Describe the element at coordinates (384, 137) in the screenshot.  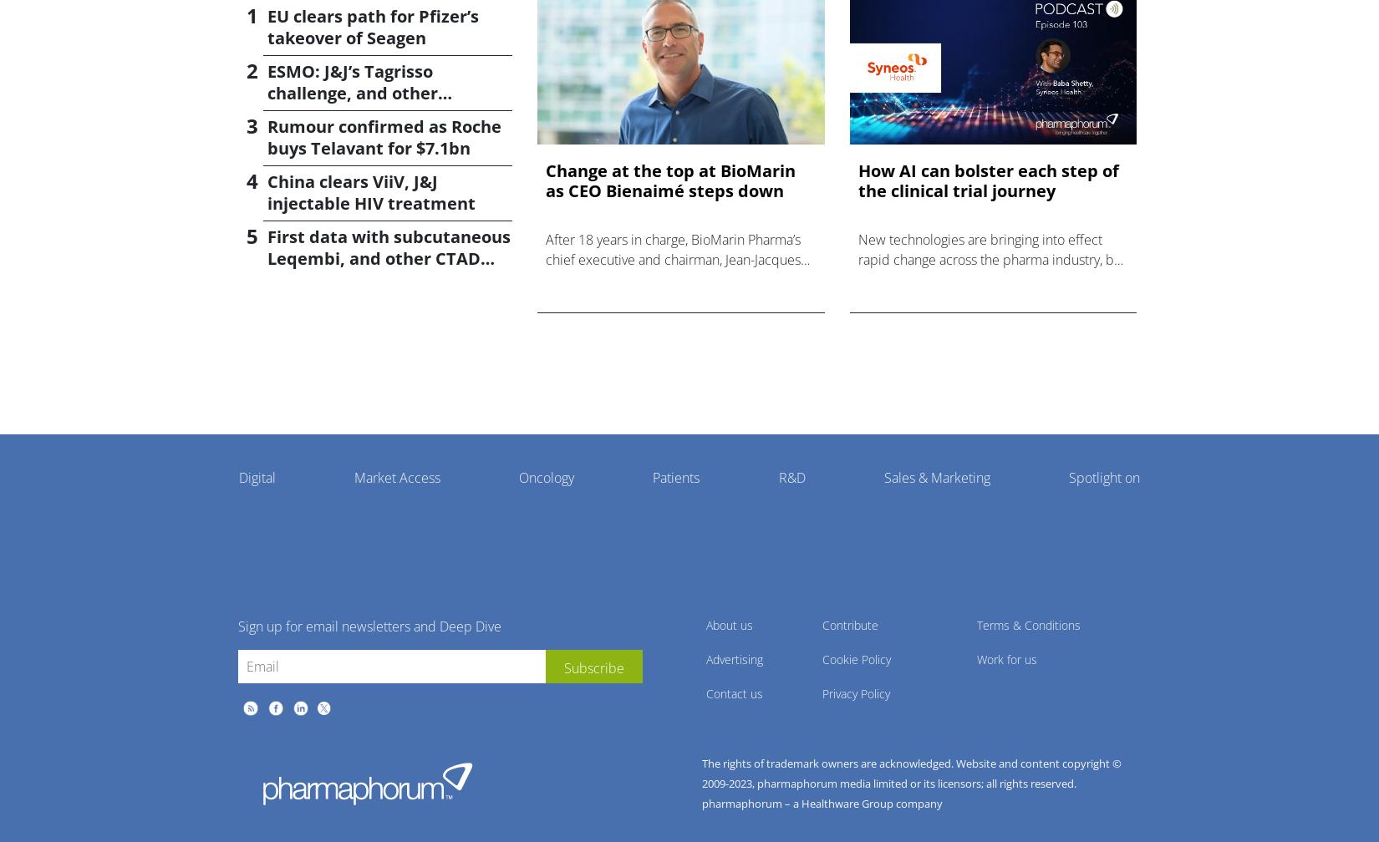
I see `'Rumour confirmed as Roche buys Telavant for $7.1bn'` at that location.